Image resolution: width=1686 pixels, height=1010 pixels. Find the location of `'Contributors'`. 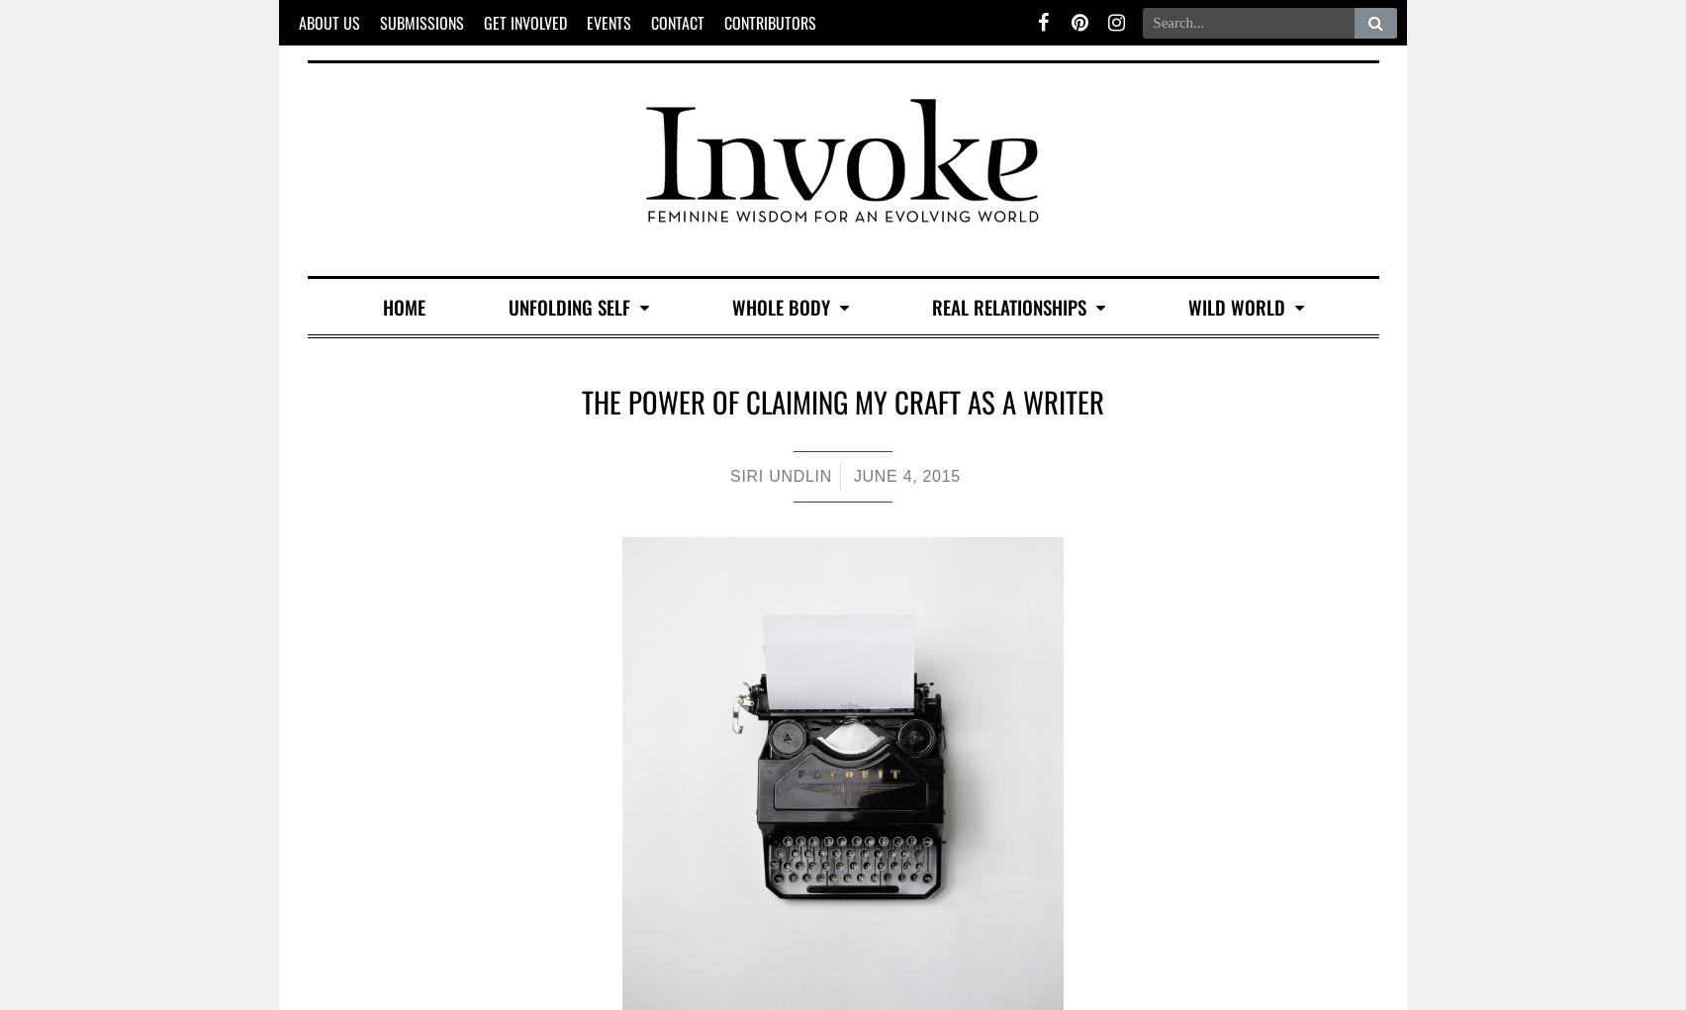

'Contributors' is located at coordinates (769, 21).